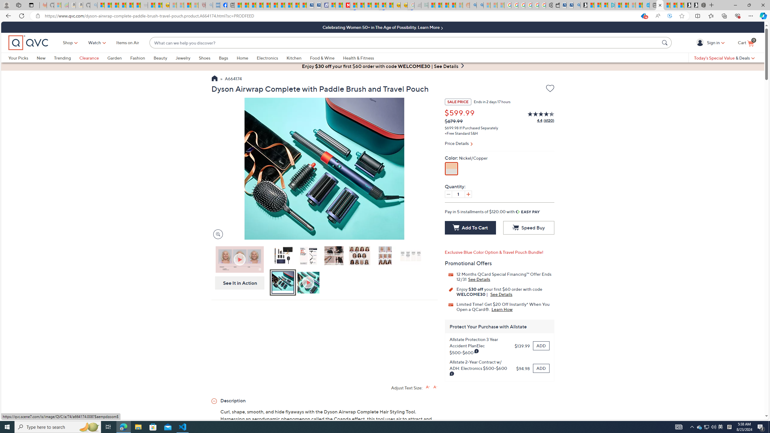 The width and height of the screenshot is (770, 433). I want to click on 'New', so click(45, 57).